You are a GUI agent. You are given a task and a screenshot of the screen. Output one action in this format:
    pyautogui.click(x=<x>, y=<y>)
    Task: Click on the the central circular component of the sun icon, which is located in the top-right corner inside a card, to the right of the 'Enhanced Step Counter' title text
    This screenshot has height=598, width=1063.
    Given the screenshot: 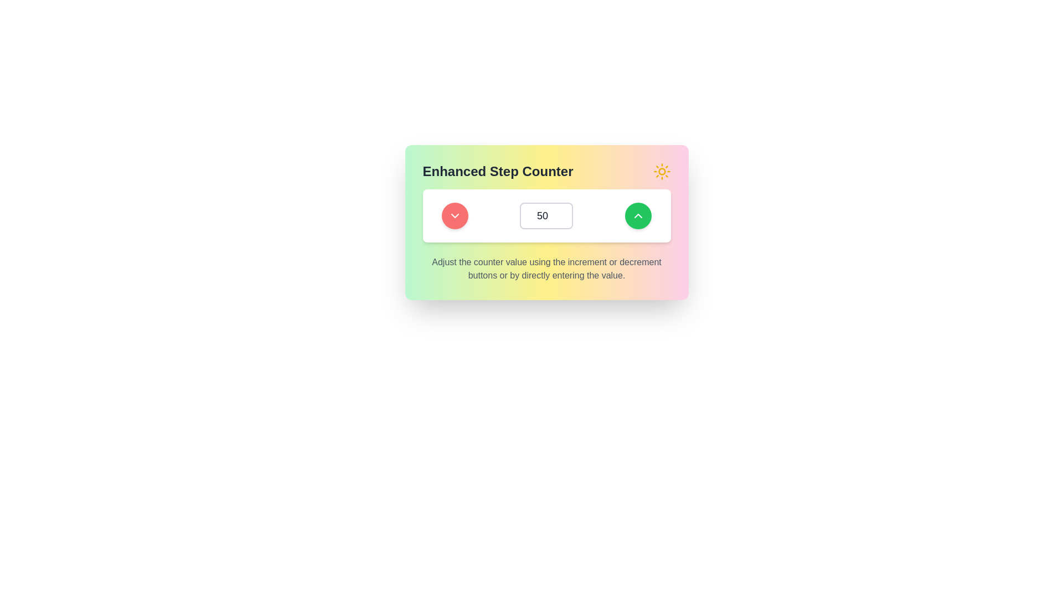 What is the action you would take?
    pyautogui.click(x=662, y=171)
    